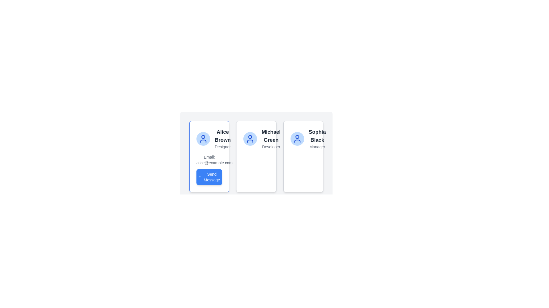 This screenshot has width=549, height=308. I want to click on the Profile card for Michael Green, which is the second card in a horizontal layout of three cards, displaying his name and role as a Developer, so click(256, 156).